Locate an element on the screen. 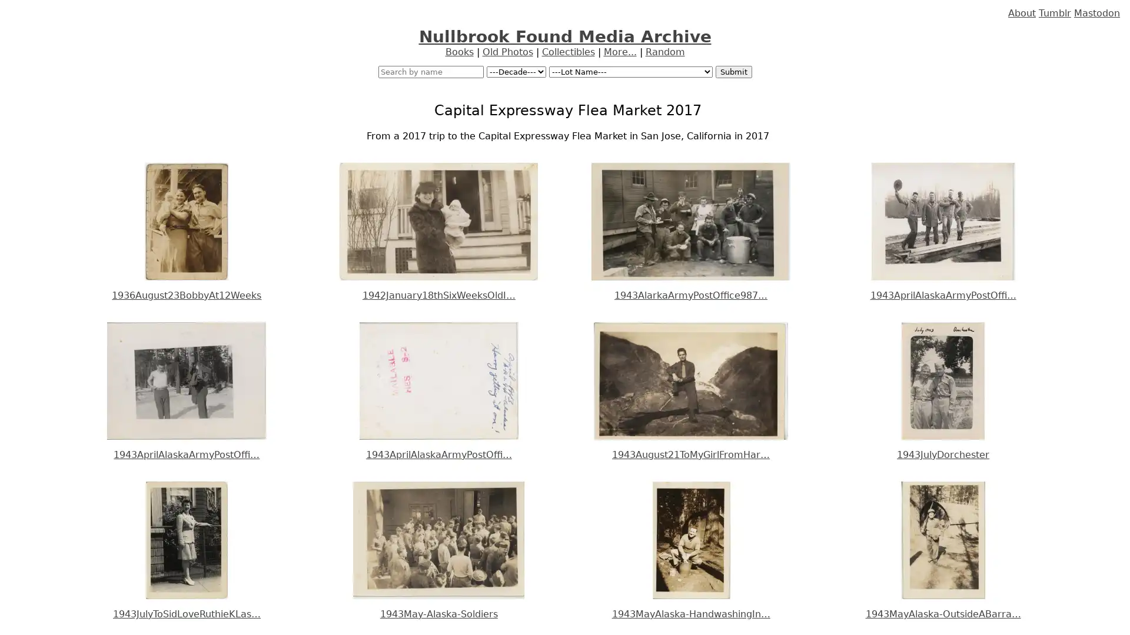 This screenshot has width=1130, height=635. Submit is located at coordinates (733, 72).